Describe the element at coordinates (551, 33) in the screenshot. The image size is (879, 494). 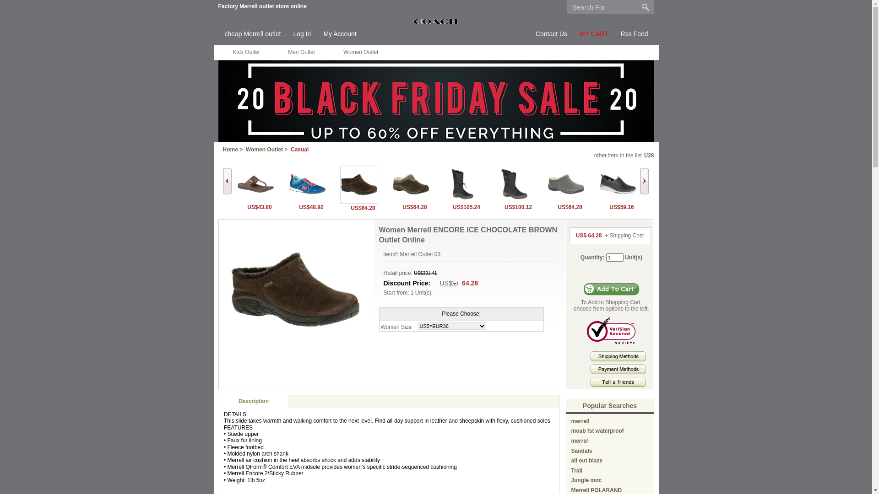
I see `'Contact Us'` at that location.